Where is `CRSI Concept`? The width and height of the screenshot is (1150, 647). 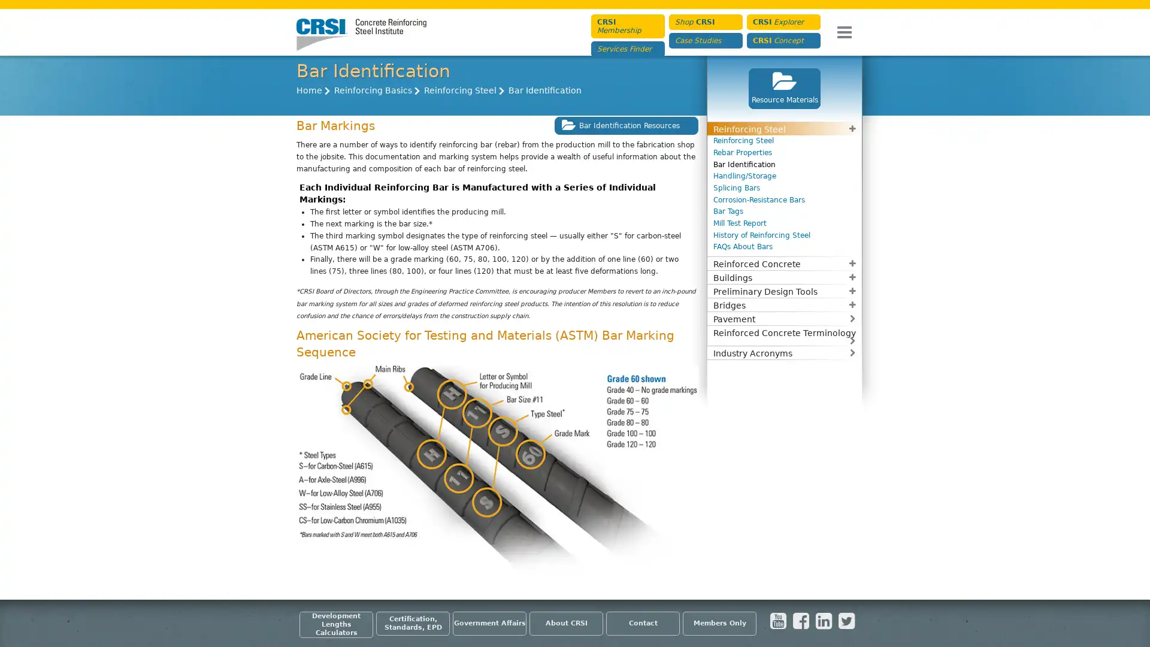
CRSI Concept is located at coordinates (783, 40).